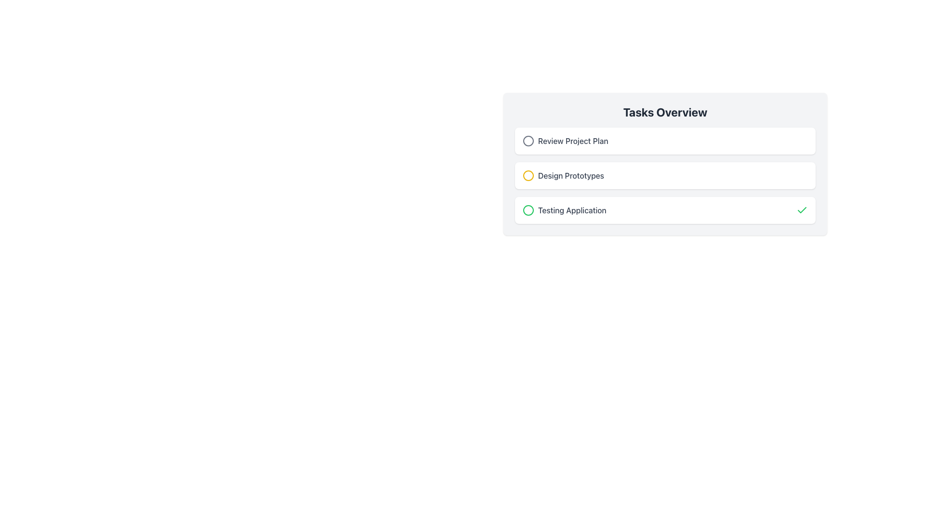 The height and width of the screenshot is (520, 925). Describe the element at coordinates (528, 209) in the screenshot. I see `the icon that visually represents a completed or active state adjacent to the 'Testing Application' text` at that location.